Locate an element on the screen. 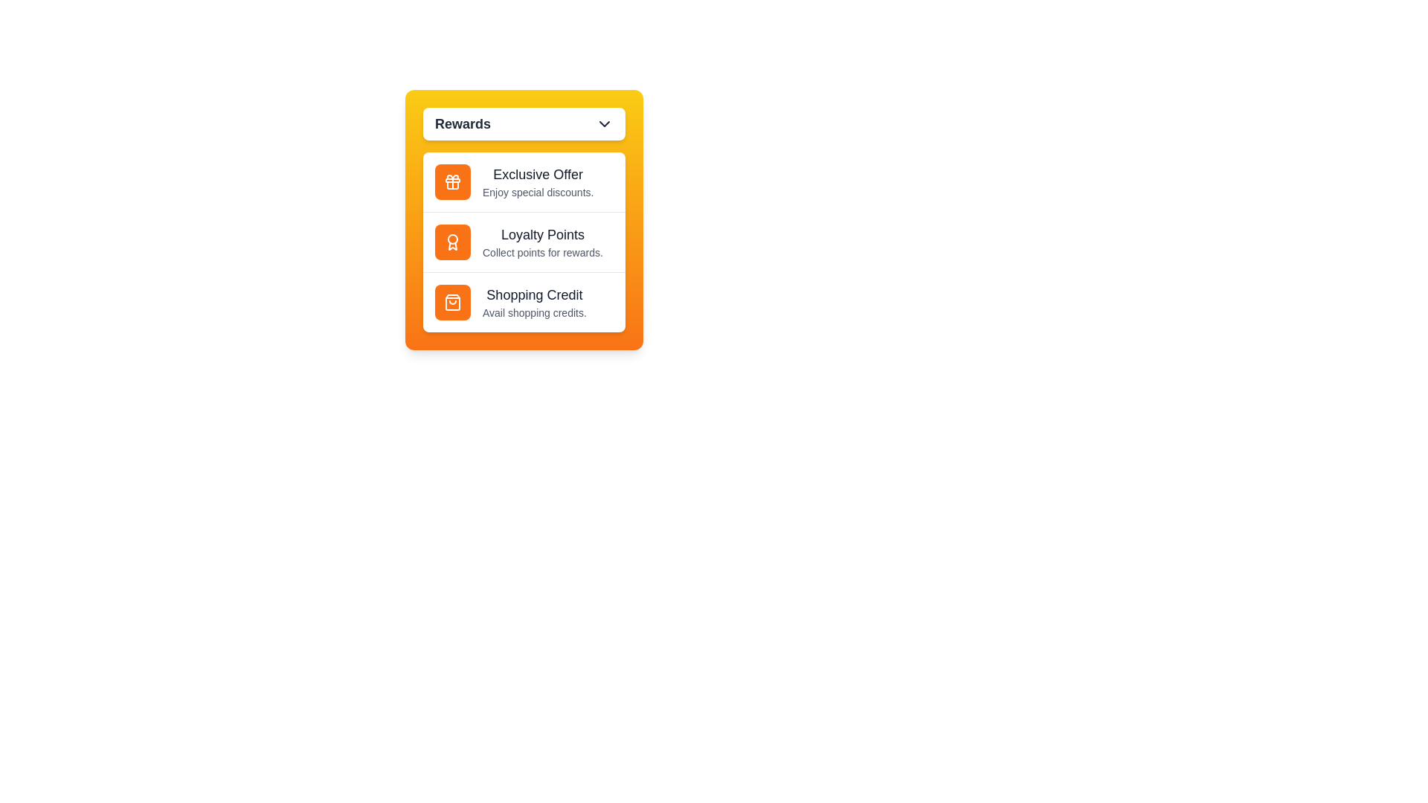  the Decorative Circle, which is part of a circular award representation in the interface is located at coordinates (452, 238).